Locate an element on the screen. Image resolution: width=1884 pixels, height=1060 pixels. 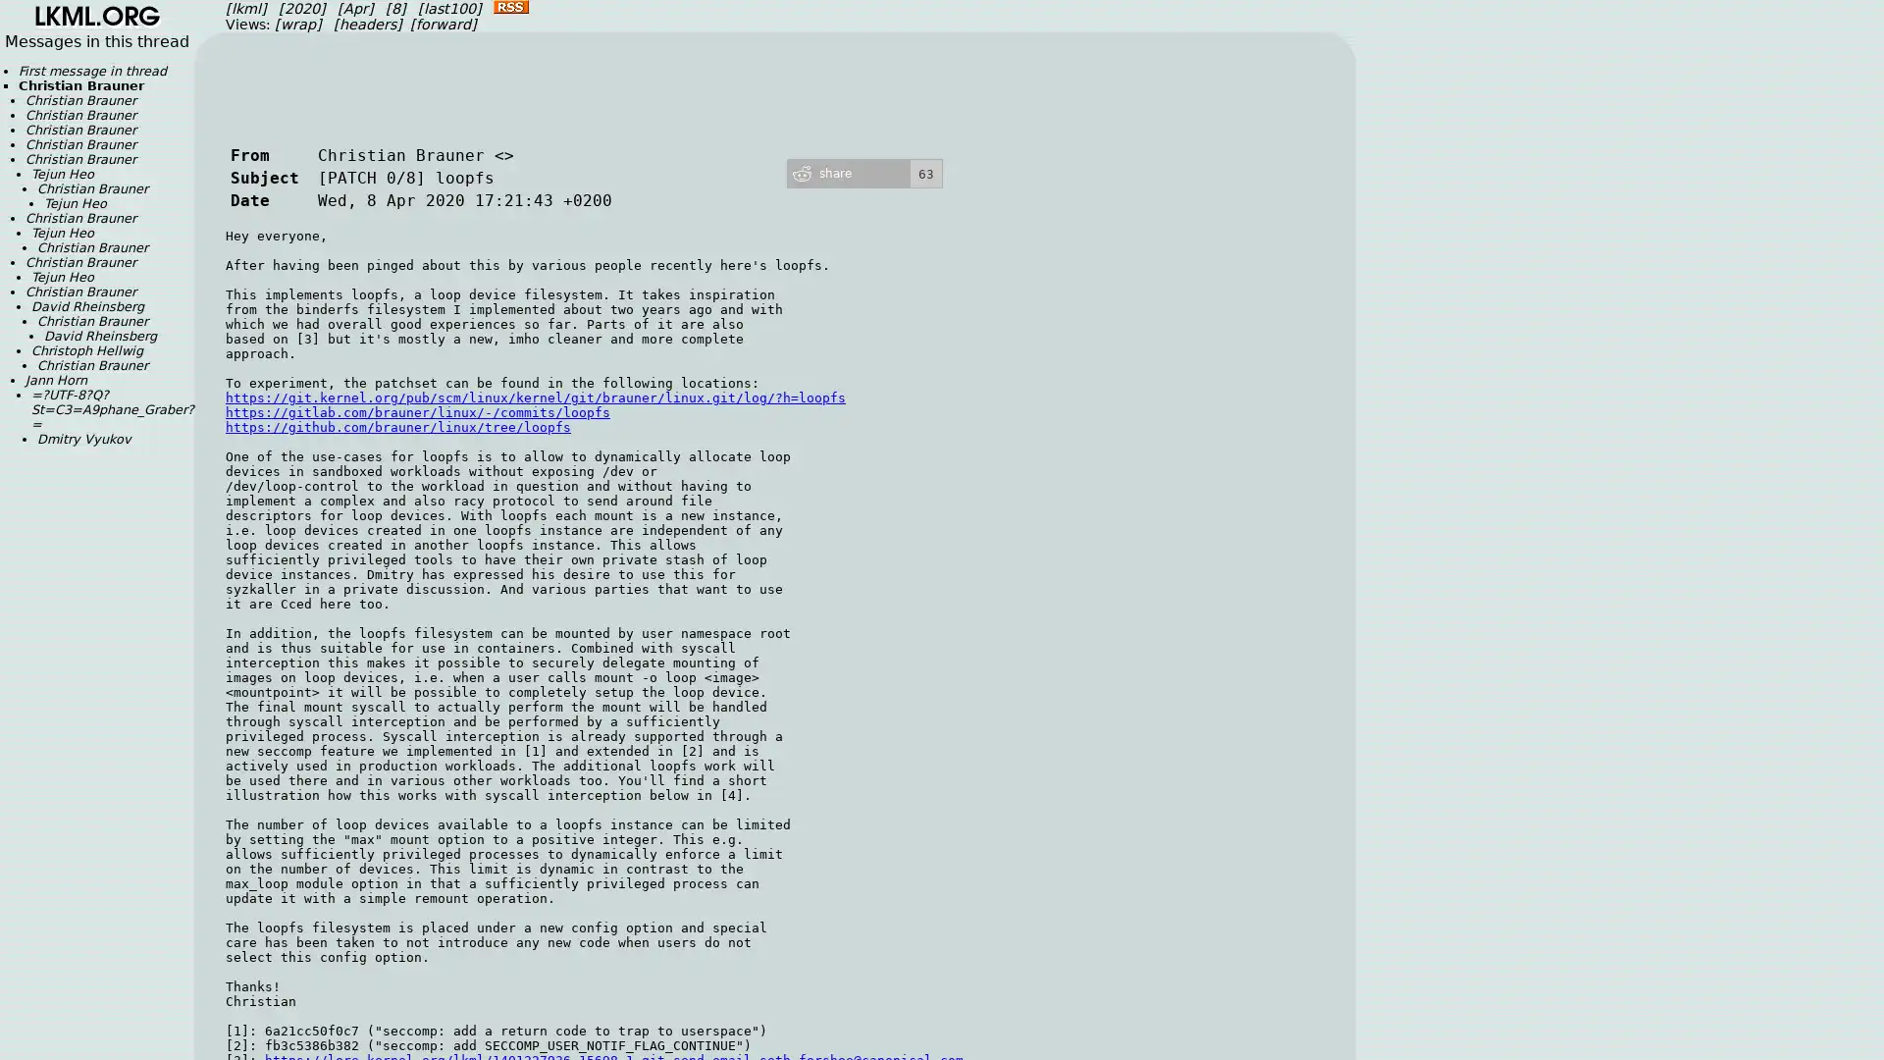
Share on Reddit is located at coordinates (863, 172).